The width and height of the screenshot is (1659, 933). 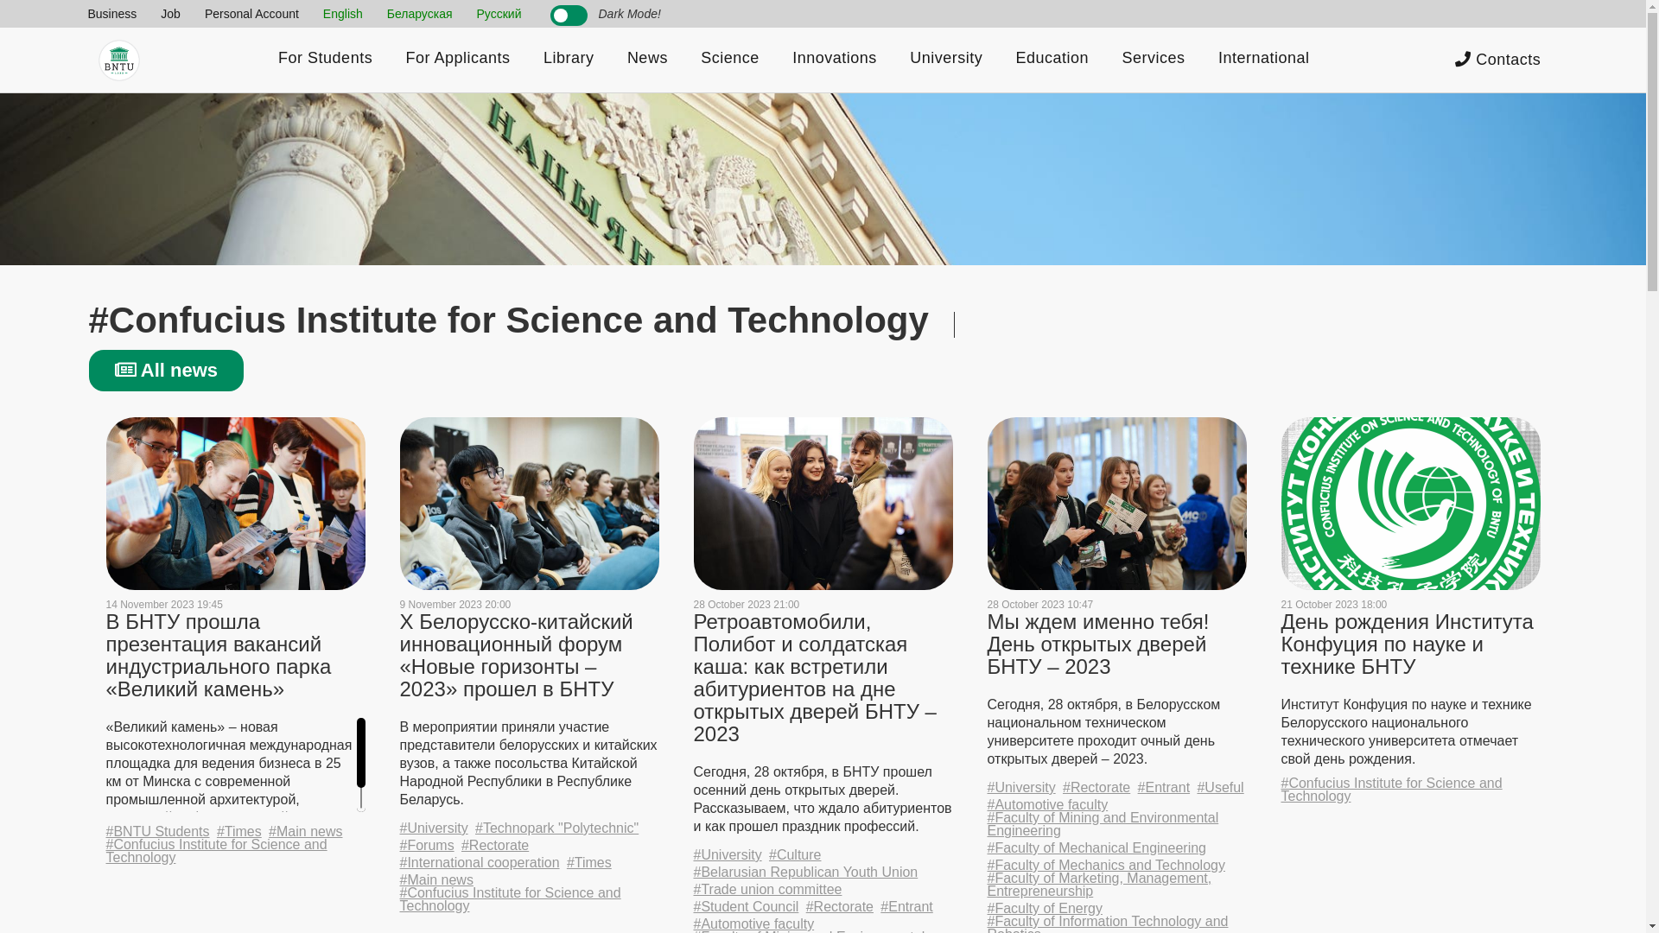 I want to click on '#Student Council', so click(x=746, y=905).